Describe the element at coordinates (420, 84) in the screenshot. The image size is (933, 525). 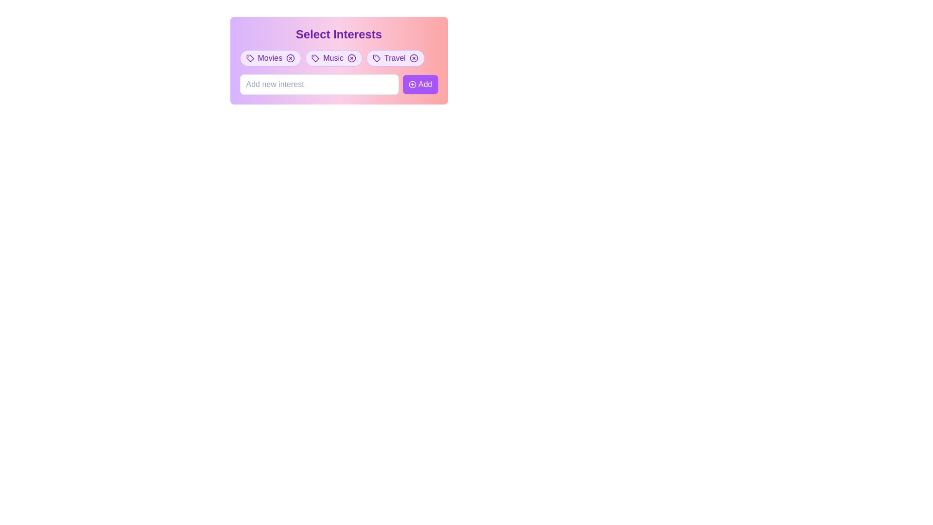
I see `the purple button labeled 'Add' to change its appearance by triggering the hover effect` at that location.